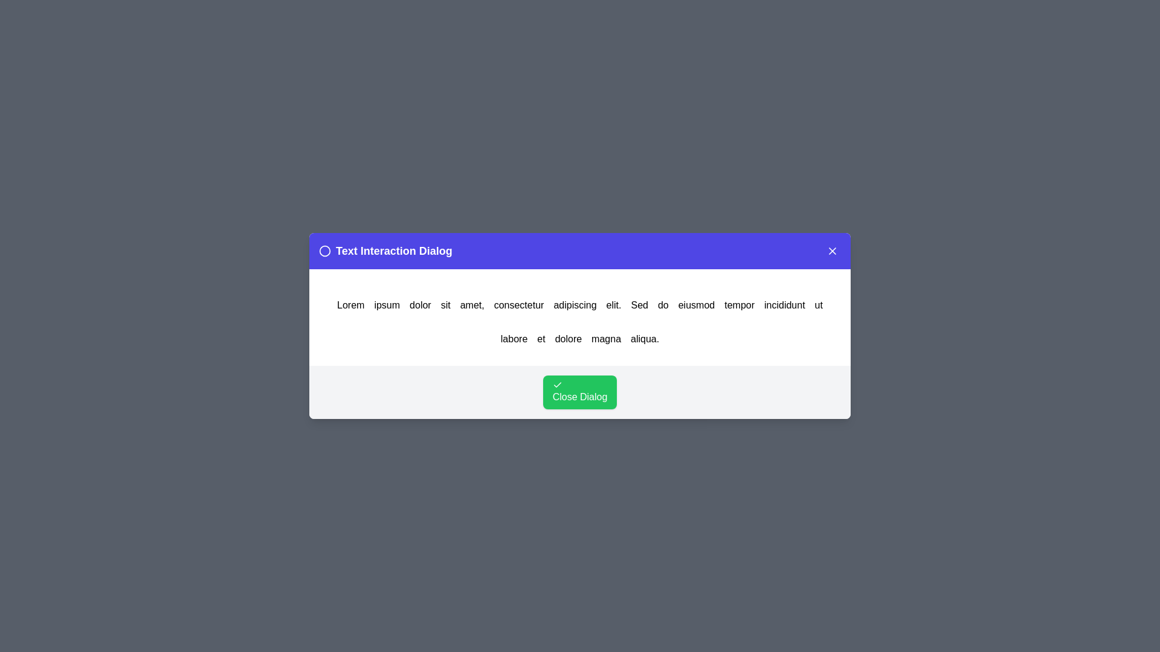 The image size is (1160, 652). What do you see at coordinates (573, 304) in the screenshot?
I see `the word adipiscing in the text to trigger an alert displaying the clicked word` at bounding box center [573, 304].